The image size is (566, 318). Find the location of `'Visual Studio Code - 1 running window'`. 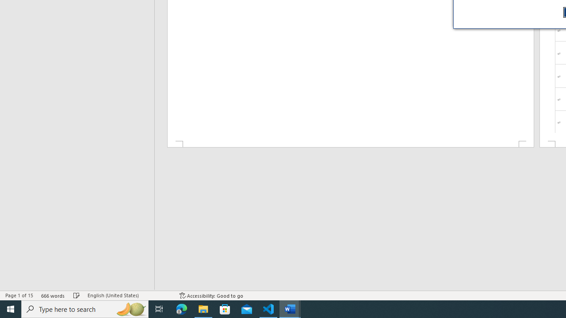

'Visual Studio Code - 1 running window' is located at coordinates (268, 308).